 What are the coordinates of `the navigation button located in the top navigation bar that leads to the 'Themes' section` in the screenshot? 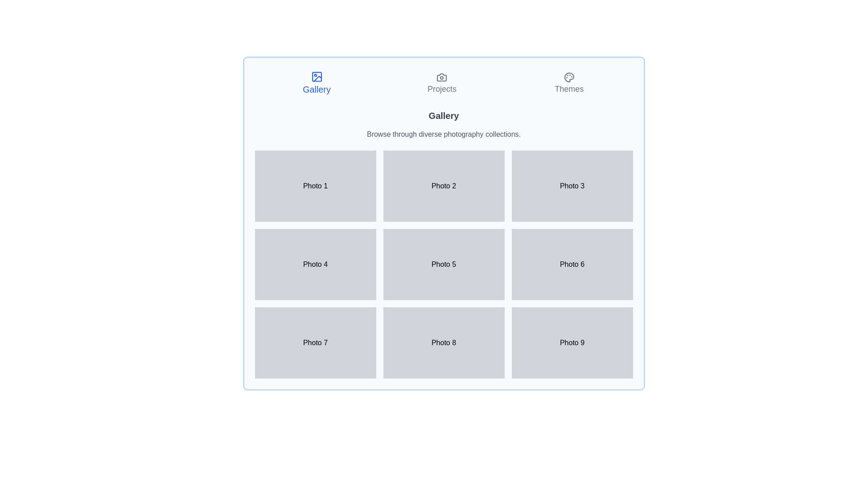 It's located at (568, 84).